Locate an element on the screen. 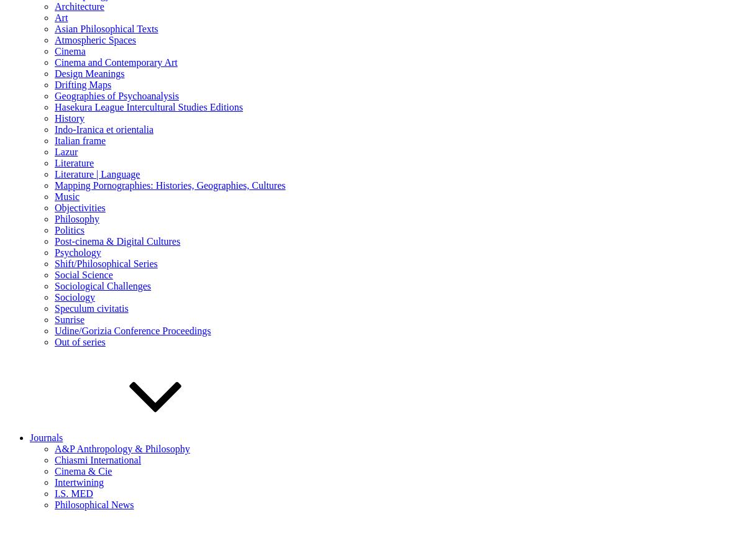 The image size is (729, 543). 'Out of series' is located at coordinates (80, 341).